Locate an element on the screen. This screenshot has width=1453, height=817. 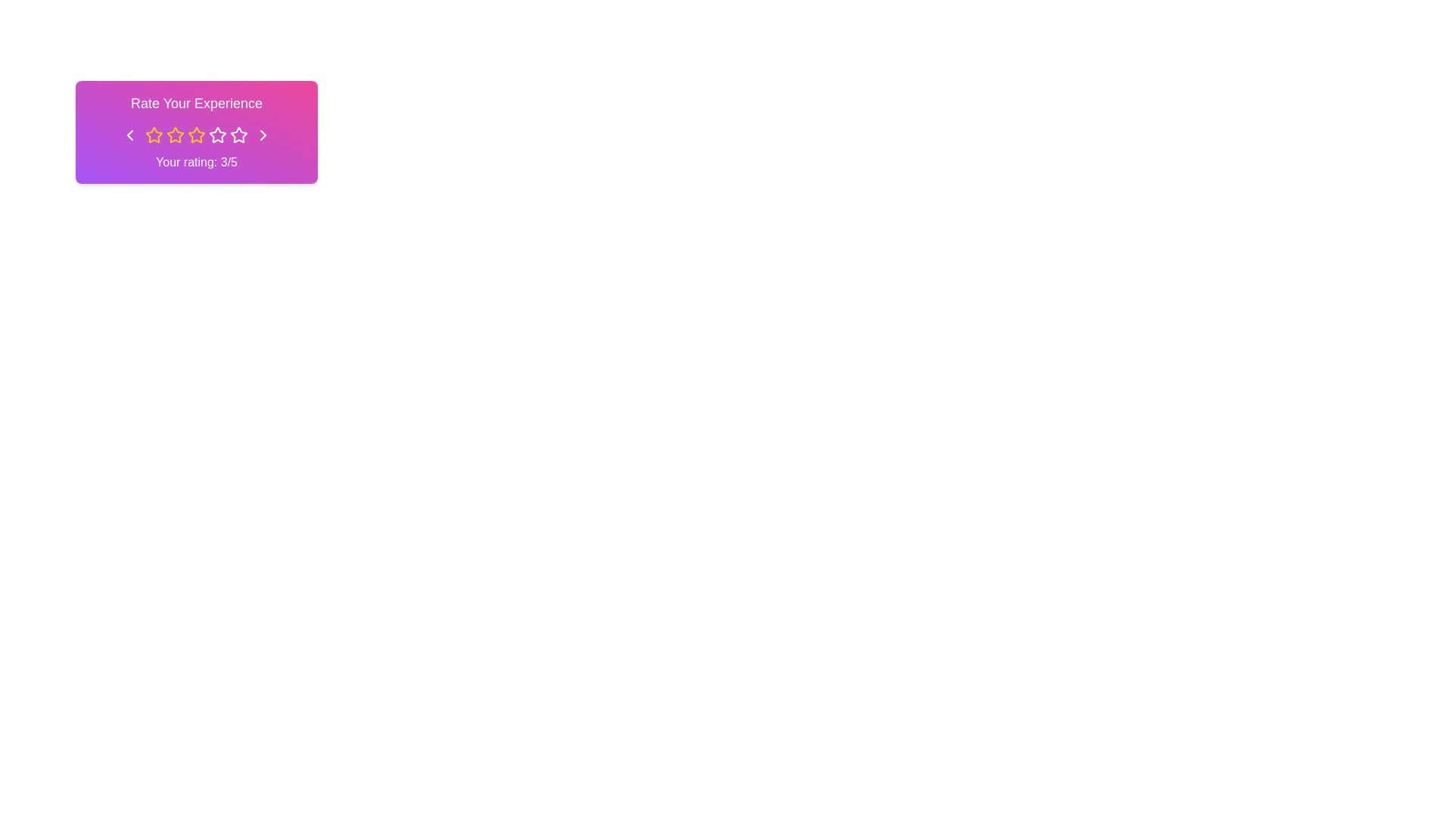
the Chevron icon button located at the far left of the horizontal group, which changes its color to indicate interaction is located at coordinates (130, 134).